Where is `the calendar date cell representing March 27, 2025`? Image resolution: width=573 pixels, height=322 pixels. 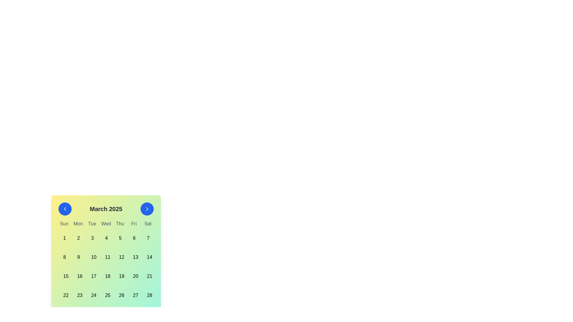 the calendar date cell representing March 27, 2025 is located at coordinates (133, 295).